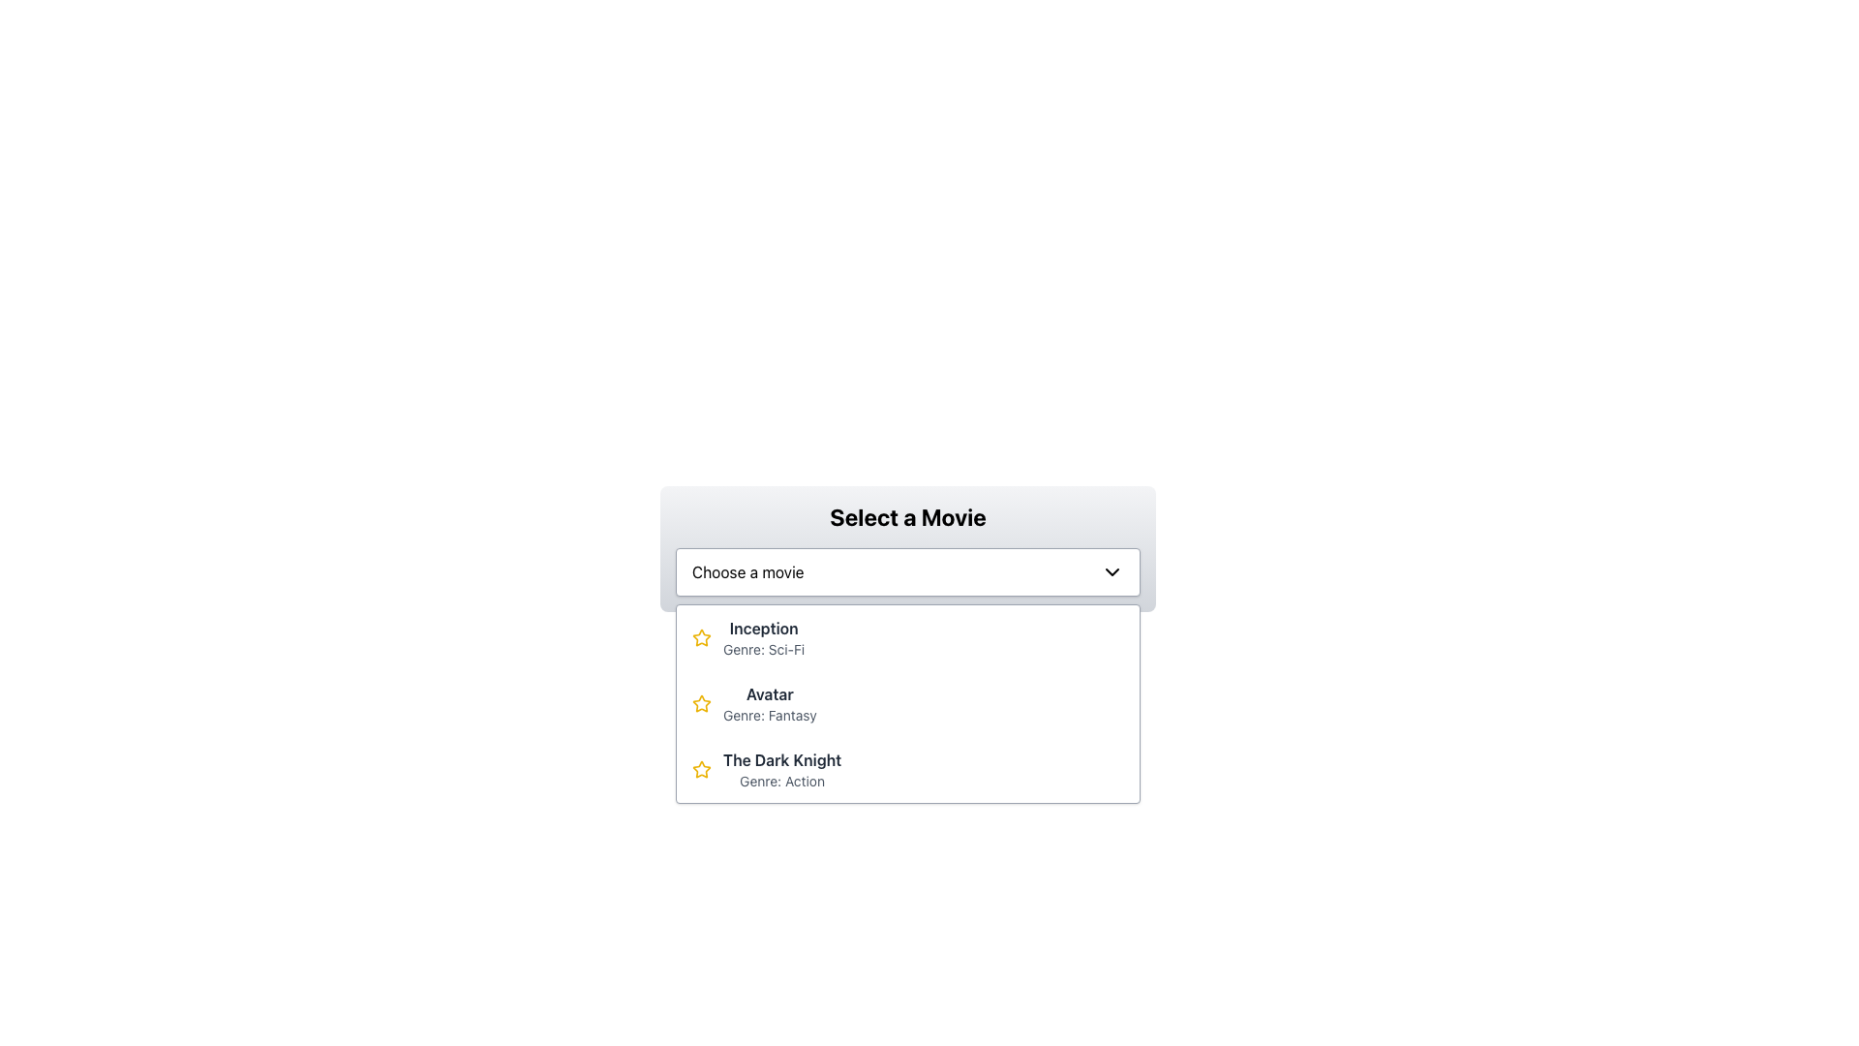  What do you see at coordinates (781, 768) in the screenshot?
I see `the text block representing the movie choice option 'The Dark Knight' within the dropdown list` at bounding box center [781, 768].